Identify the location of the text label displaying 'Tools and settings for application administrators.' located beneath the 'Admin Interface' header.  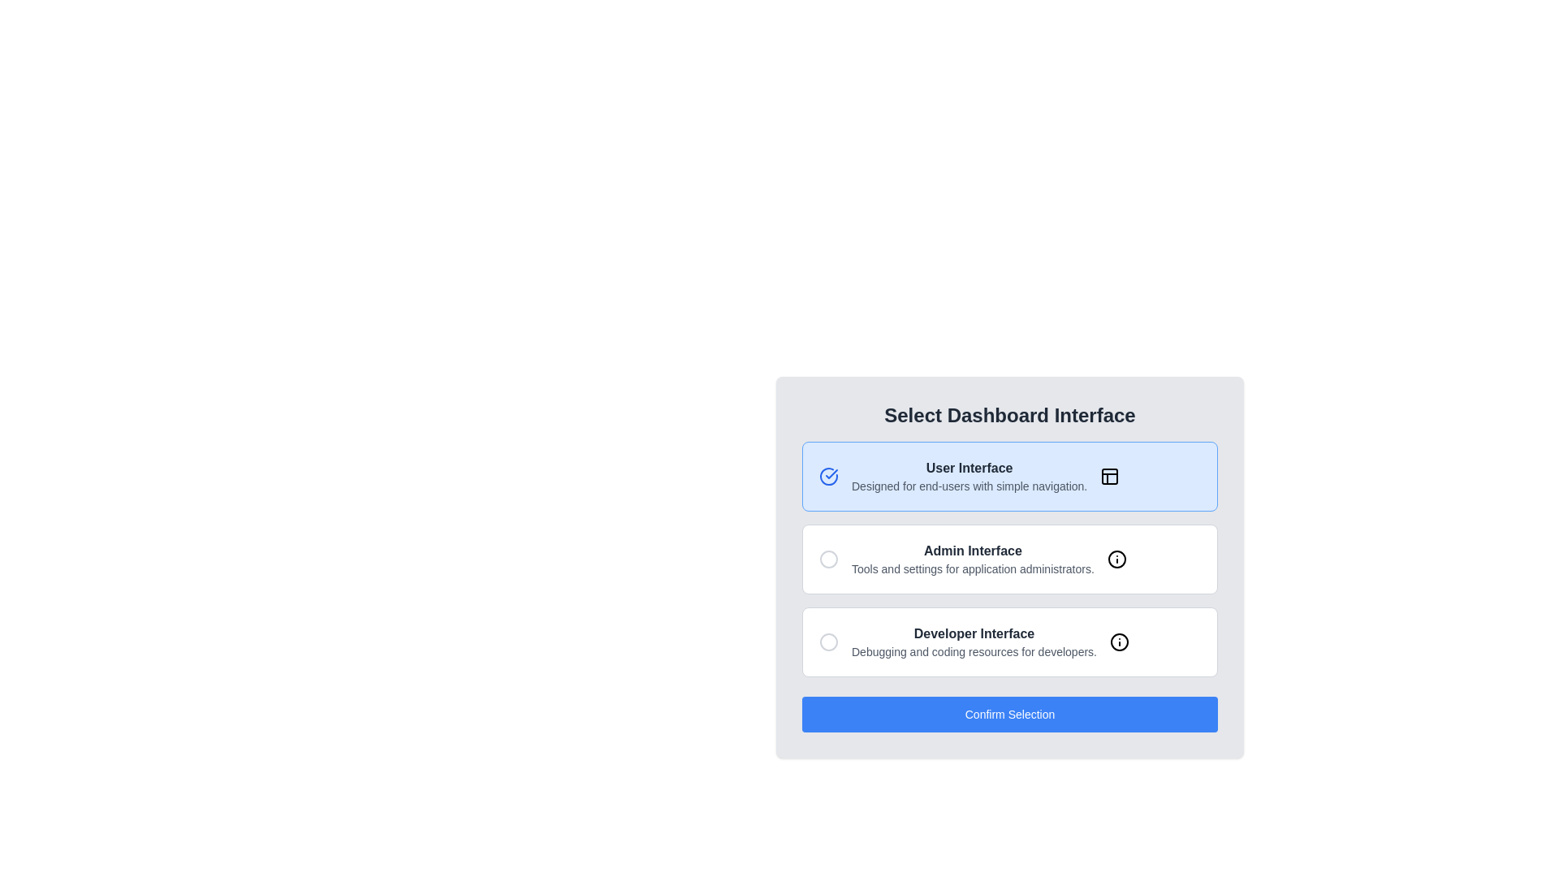
(973, 568).